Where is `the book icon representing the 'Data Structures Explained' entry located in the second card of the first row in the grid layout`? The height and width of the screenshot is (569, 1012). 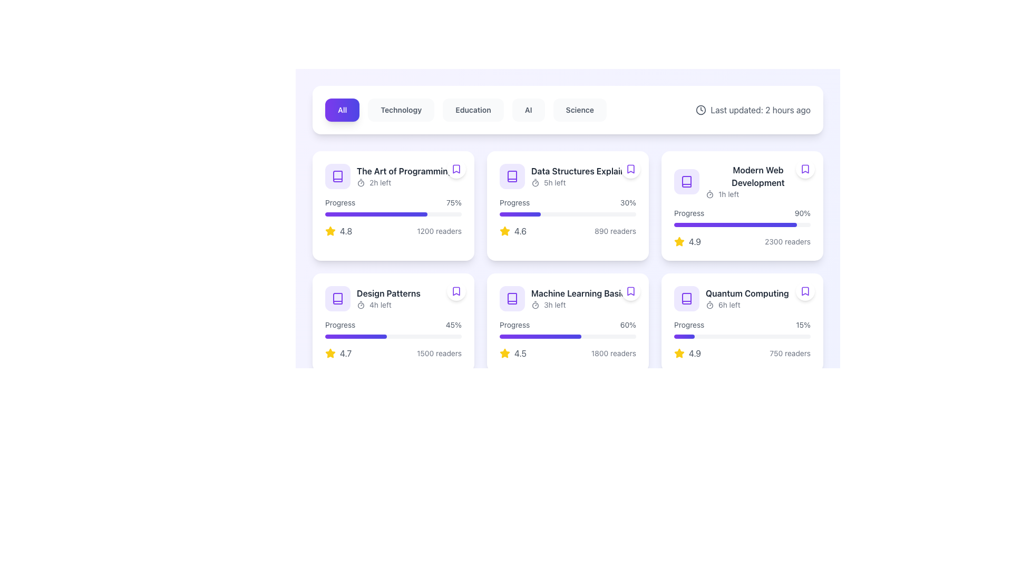 the book icon representing the 'Data Structures Explained' entry located in the second card of the first row in the grid layout is located at coordinates (512, 176).